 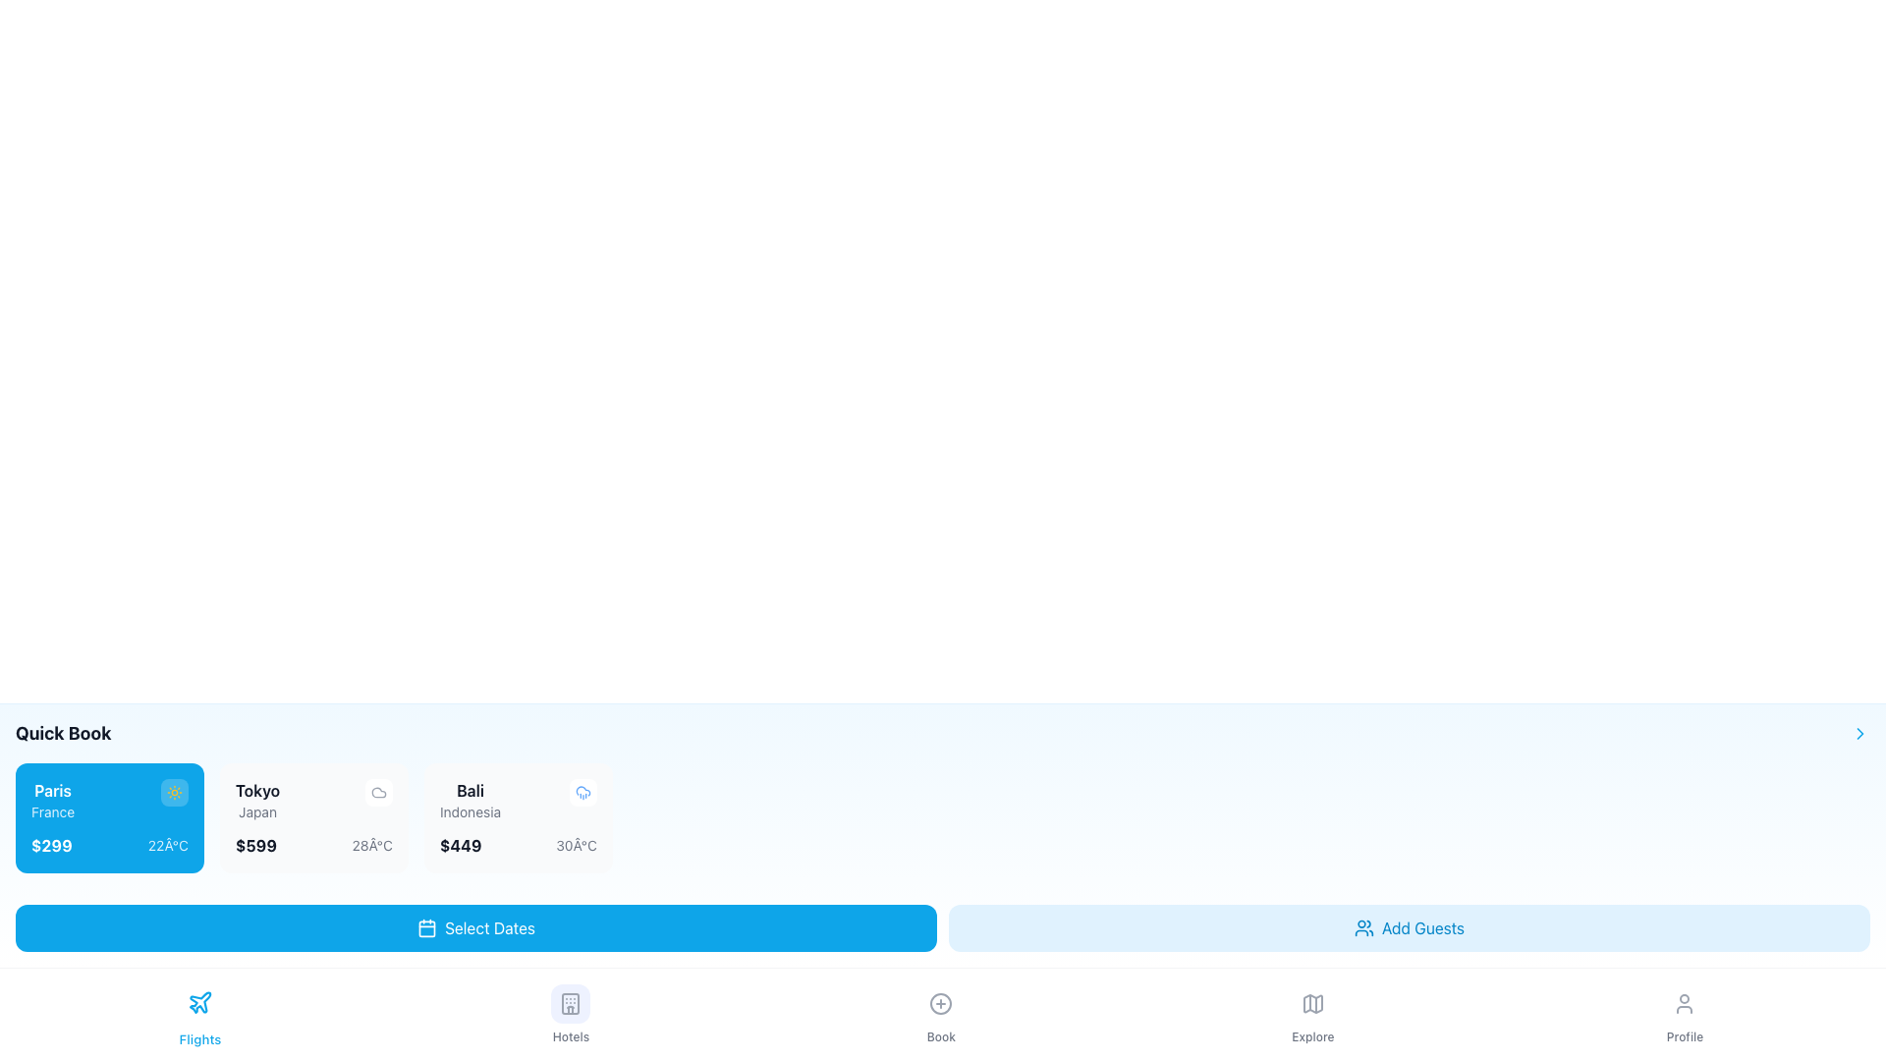 What do you see at coordinates (460, 844) in the screenshot?
I see `the price value displayed in the text label associated with the destination 'Bali', which is located below the 'Indonesia' label and next to the temperature indicator` at bounding box center [460, 844].